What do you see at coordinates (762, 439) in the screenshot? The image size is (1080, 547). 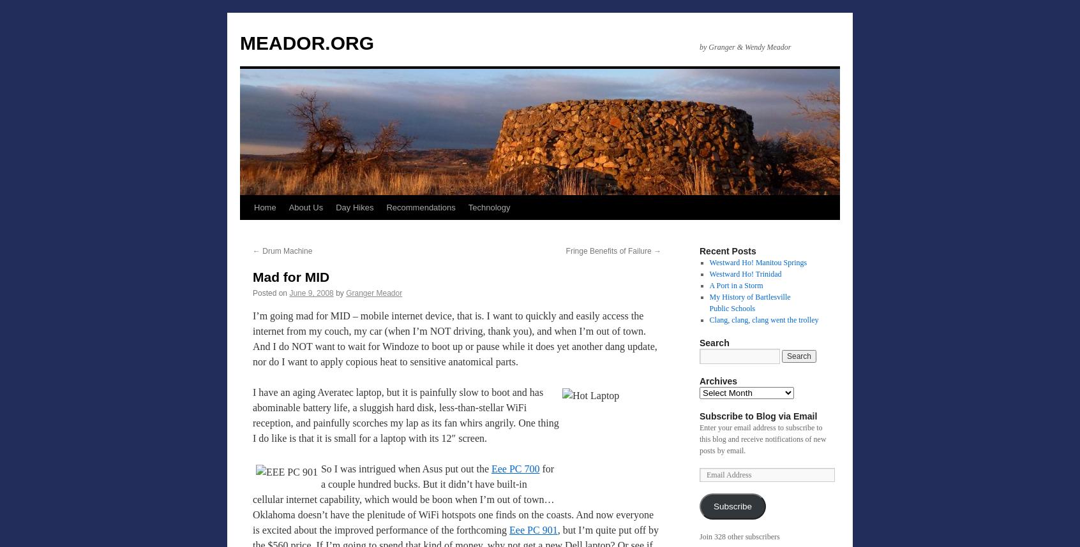 I see `'Enter your email address to subscribe to this blog and receive notifications of new posts by email.'` at bounding box center [762, 439].